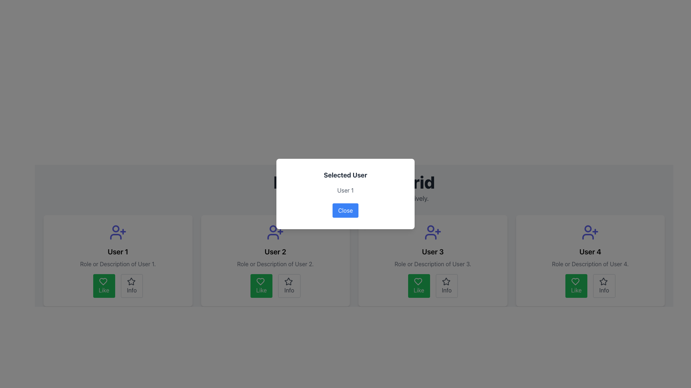  I want to click on the 'Like' button located under the card for 'User 3', which is the first button in the user actions section, so click(419, 285).